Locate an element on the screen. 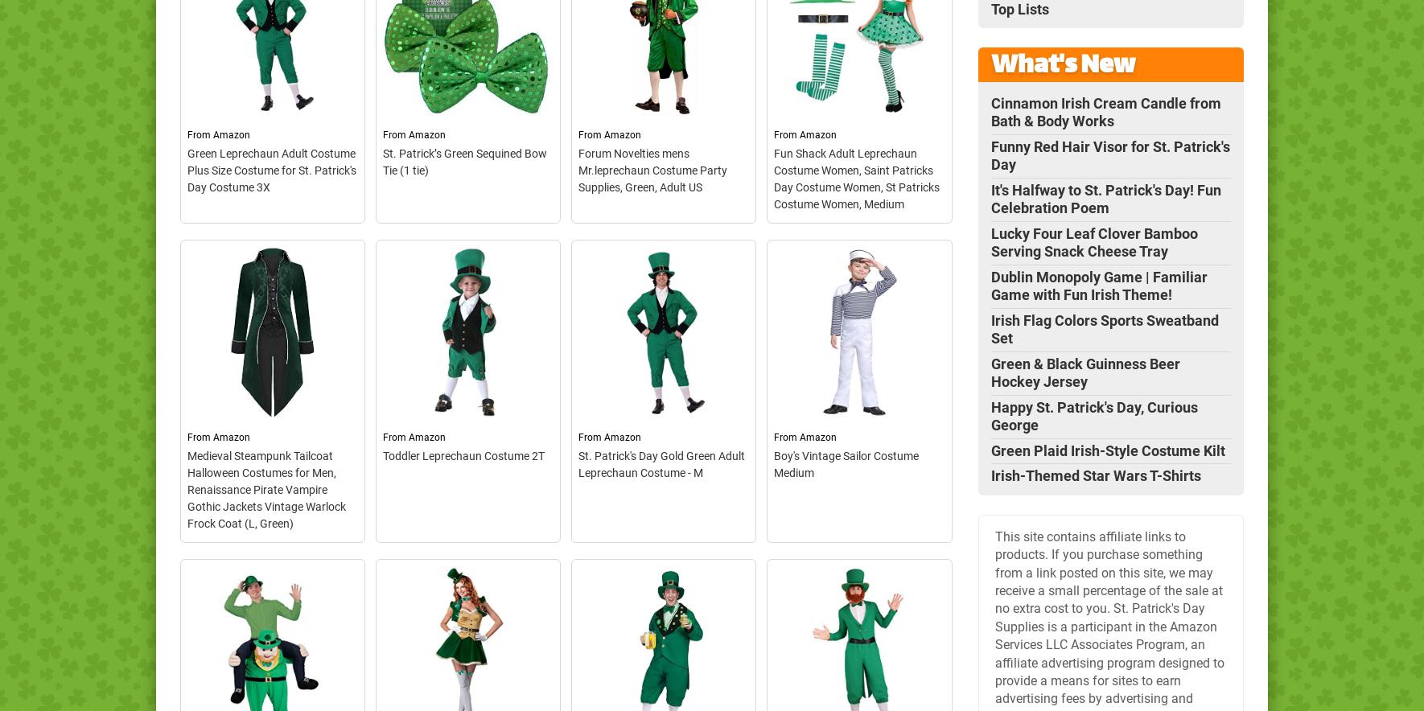 This screenshot has height=711, width=1424. 'Boy's Vintage Sailor Costume Medium' is located at coordinates (846, 463).